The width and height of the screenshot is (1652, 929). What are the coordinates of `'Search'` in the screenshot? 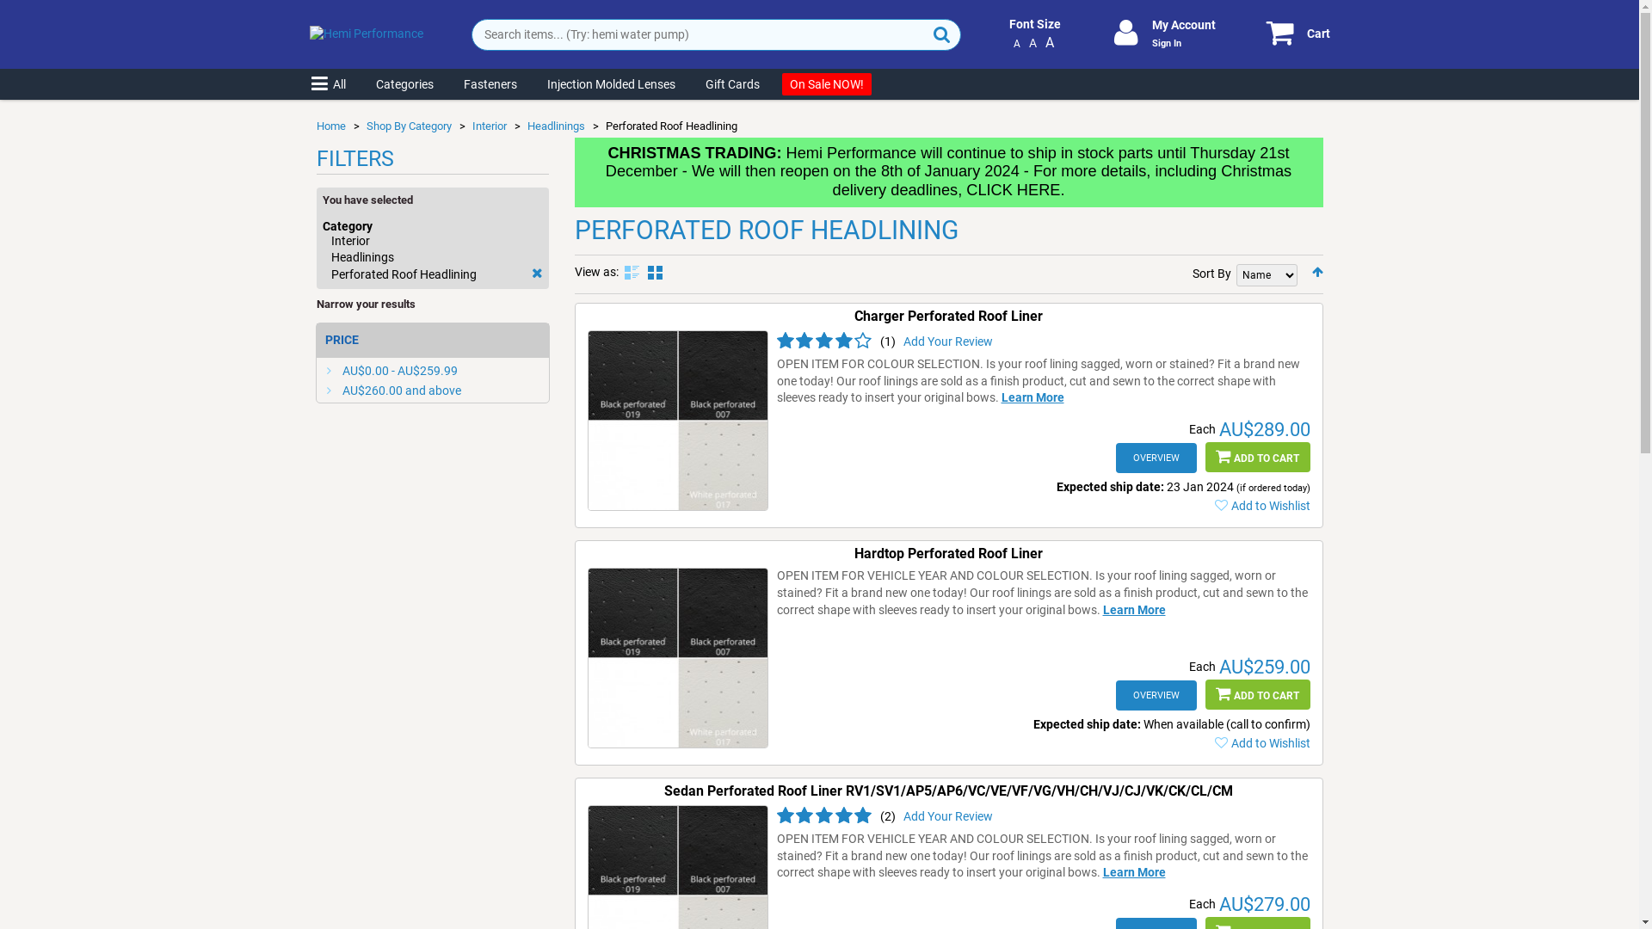 It's located at (940, 34).